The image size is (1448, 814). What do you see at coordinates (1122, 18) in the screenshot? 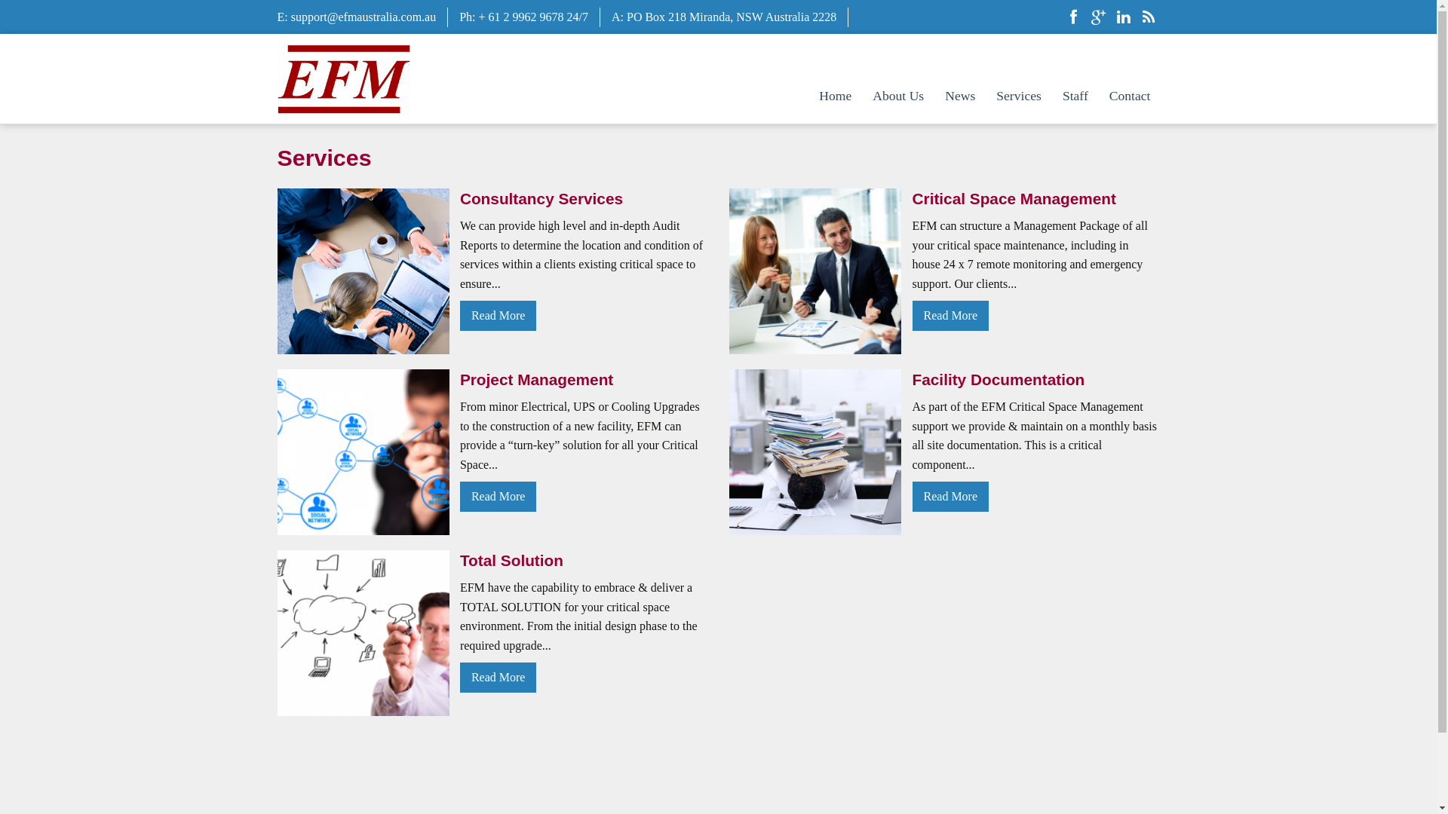
I see `'Join us on Linked-In'` at bounding box center [1122, 18].